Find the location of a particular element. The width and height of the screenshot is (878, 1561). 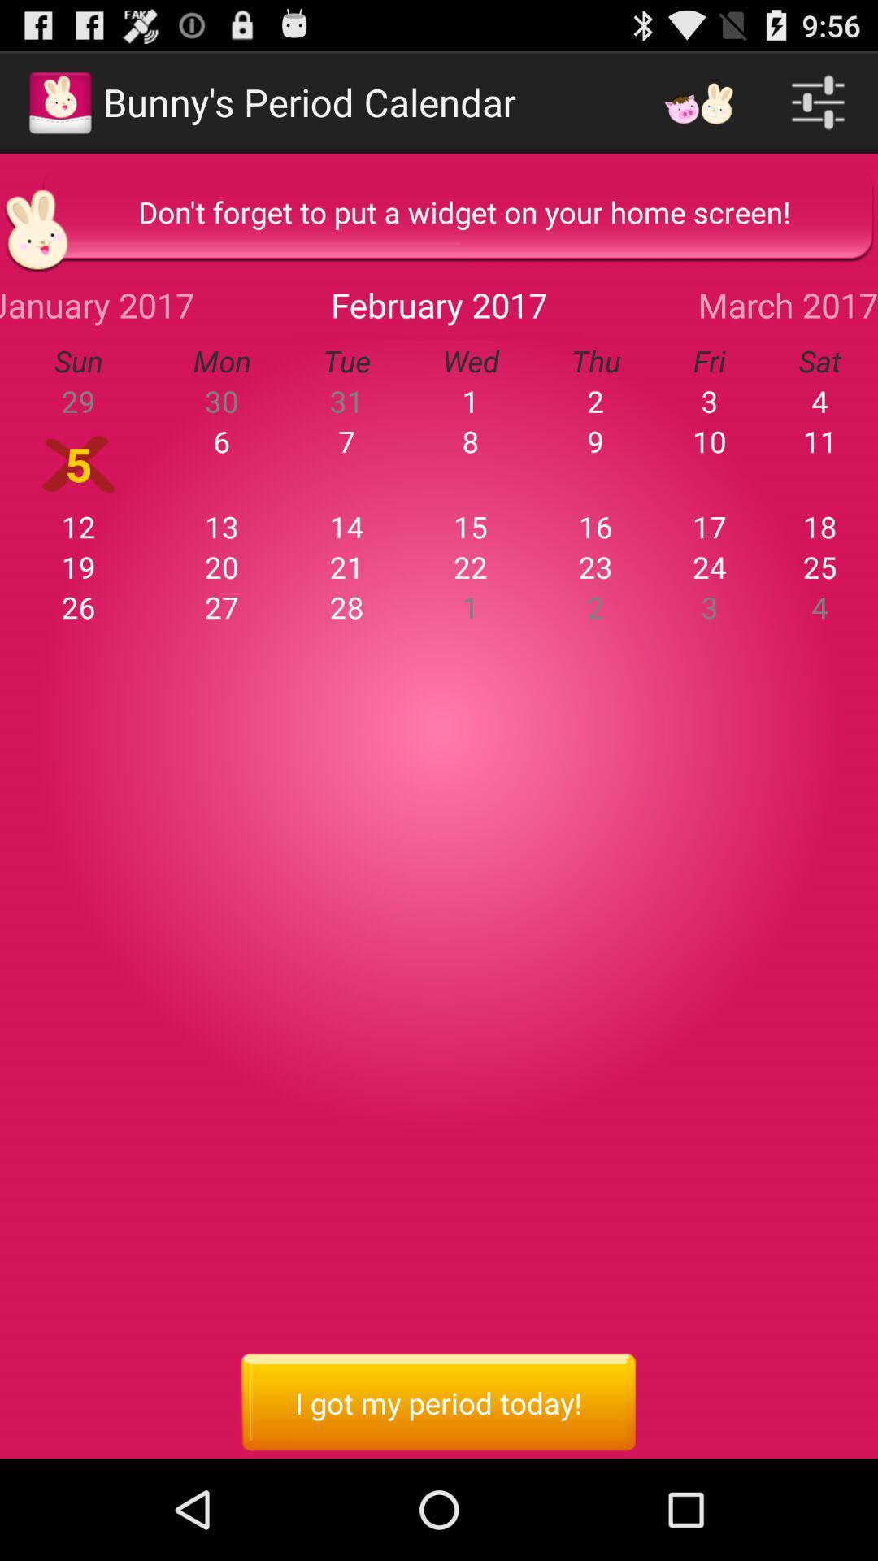

3 in february 2017 is located at coordinates (708, 401).